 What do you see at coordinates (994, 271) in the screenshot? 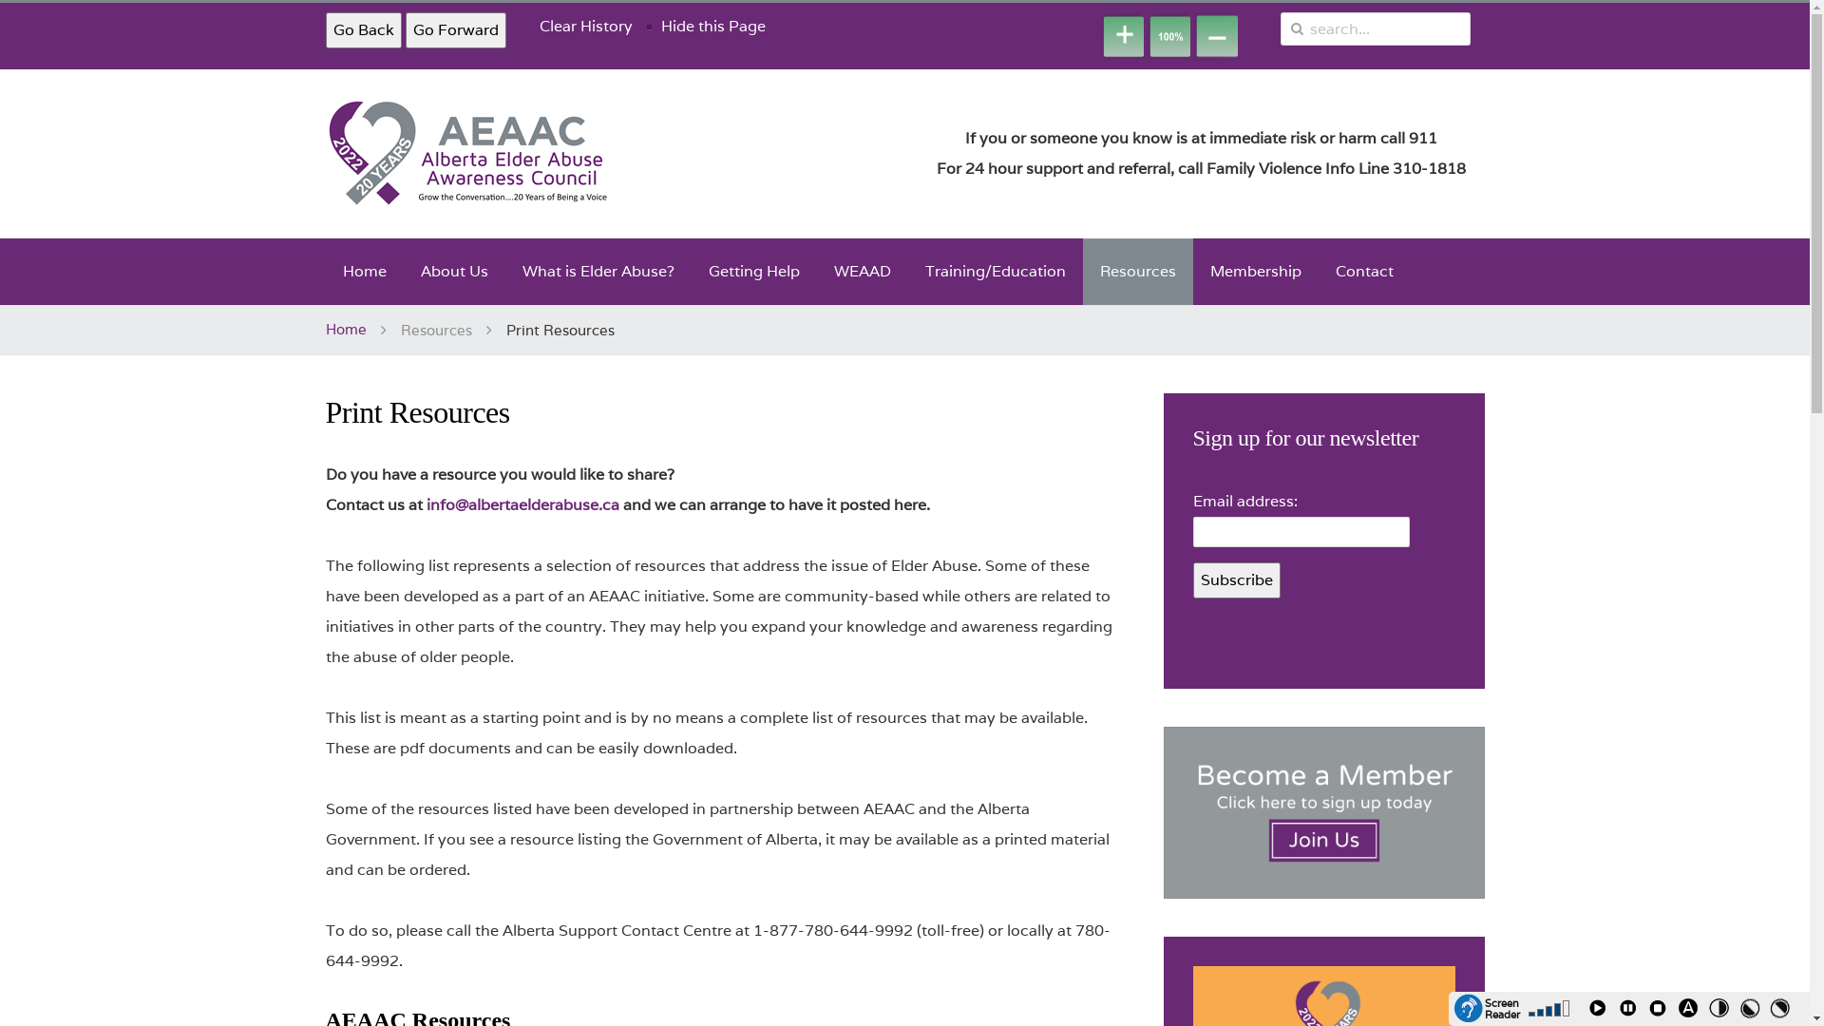
I see `'Training/Education'` at bounding box center [994, 271].